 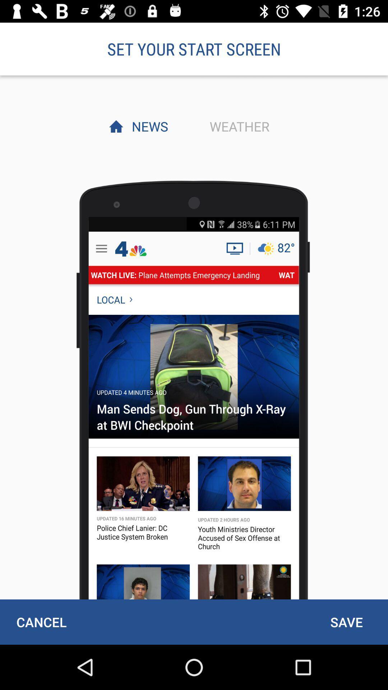 I want to click on the save, so click(x=346, y=622).